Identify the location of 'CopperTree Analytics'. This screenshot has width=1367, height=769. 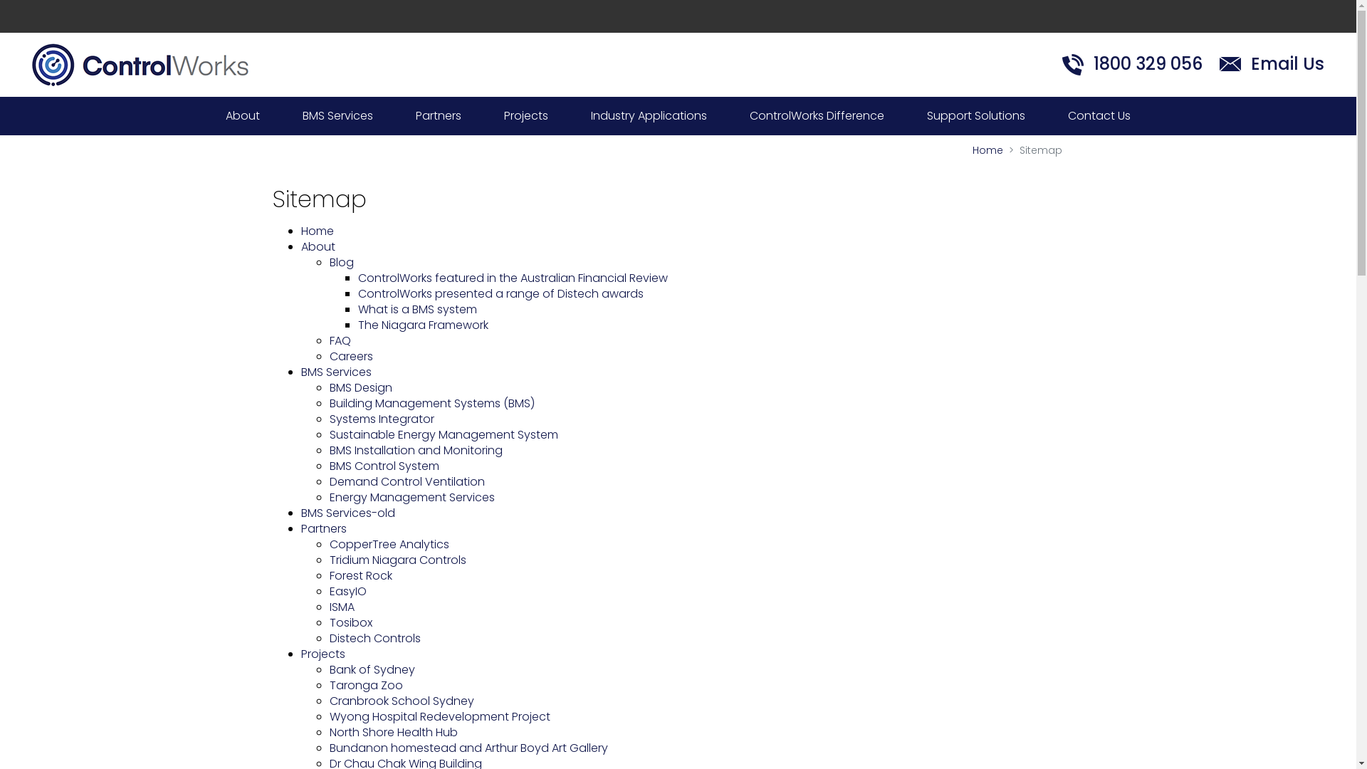
(389, 544).